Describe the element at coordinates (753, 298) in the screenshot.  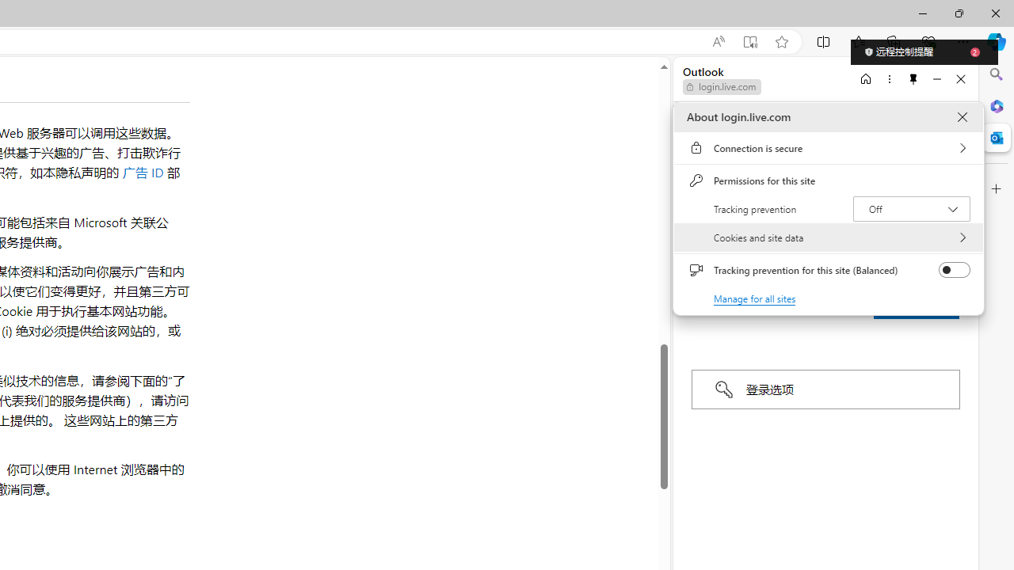
I see `'Manage for all sites'` at that location.